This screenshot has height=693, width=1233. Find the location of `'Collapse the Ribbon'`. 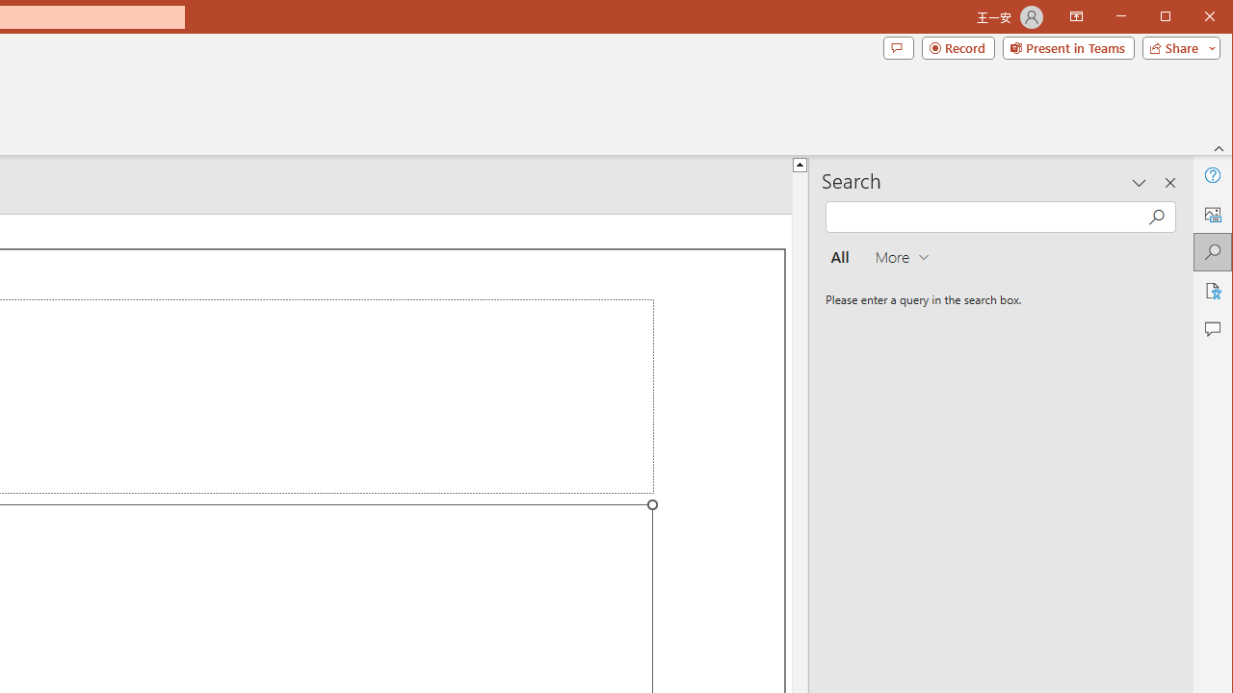

'Collapse the Ribbon' is located at coordinates (1219, 147).